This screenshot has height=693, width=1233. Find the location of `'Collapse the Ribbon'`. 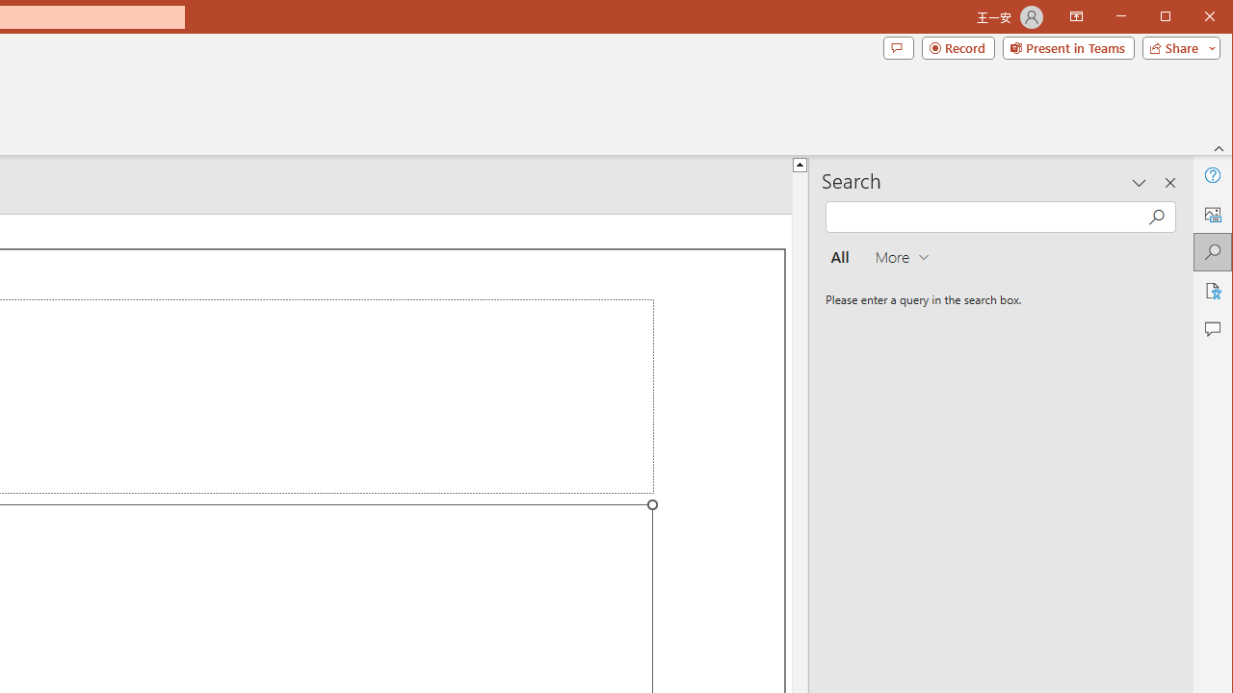

'Collapse the Ribbon' is located at coordinates (1219, 147).